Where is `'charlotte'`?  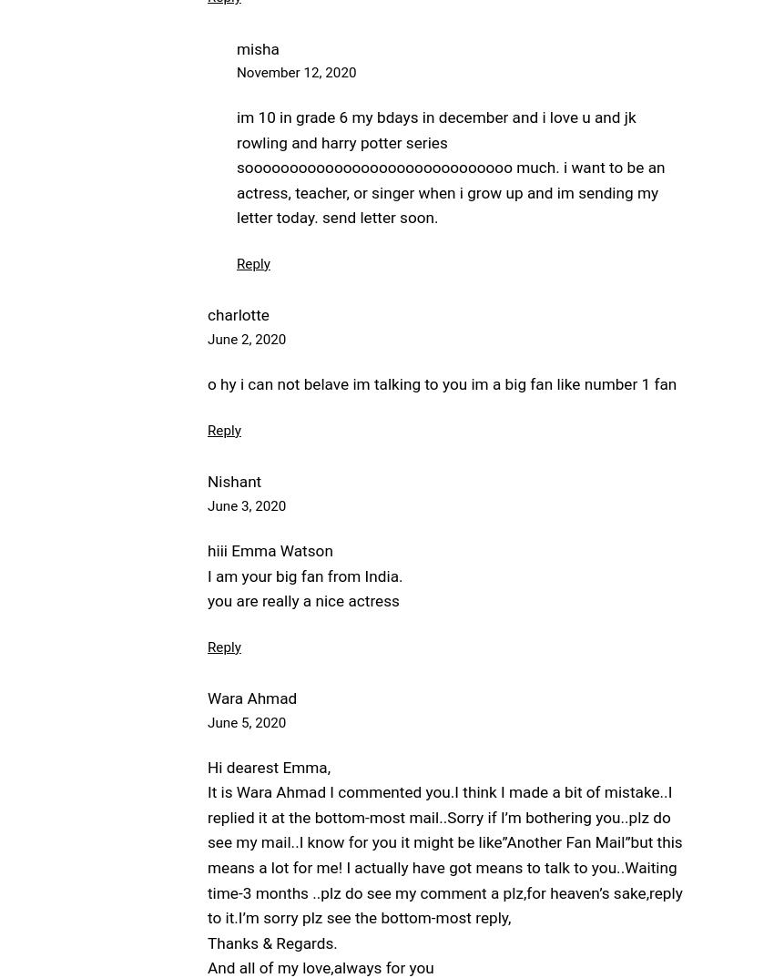
'charlotte' is located at coordinates (237, 314).